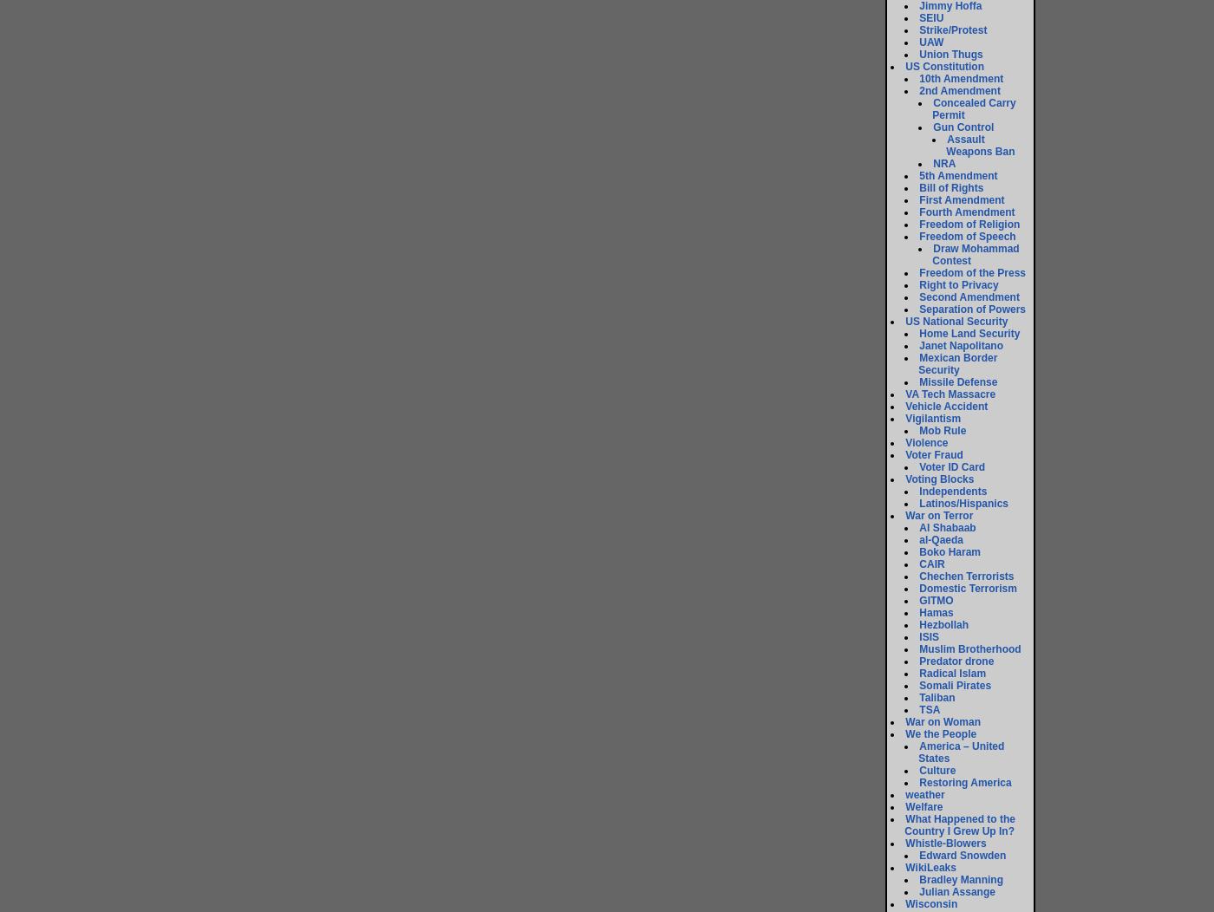  What do you see at coordinates (956, 890) in the screenshot?
I see `'Julian Assange'` at bounding box center [956, 890].